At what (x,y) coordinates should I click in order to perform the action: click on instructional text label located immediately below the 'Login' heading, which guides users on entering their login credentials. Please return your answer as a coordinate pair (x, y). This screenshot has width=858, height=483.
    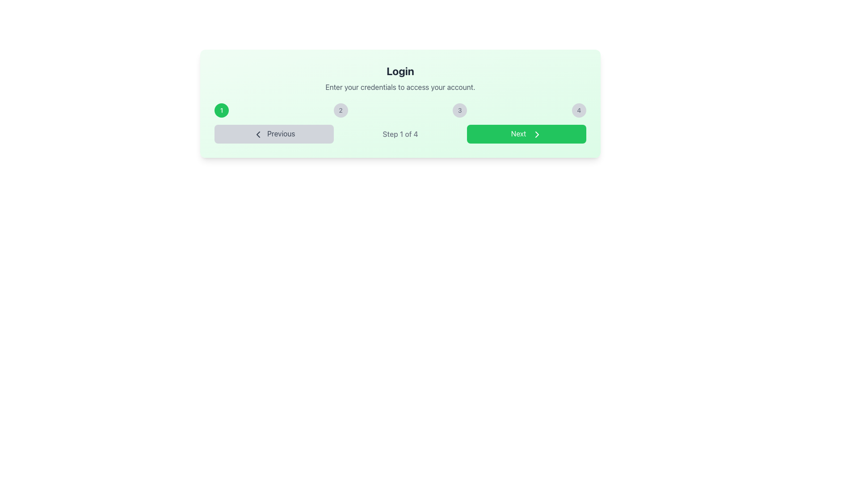
    Looking at the image, I should click on (400, 87).